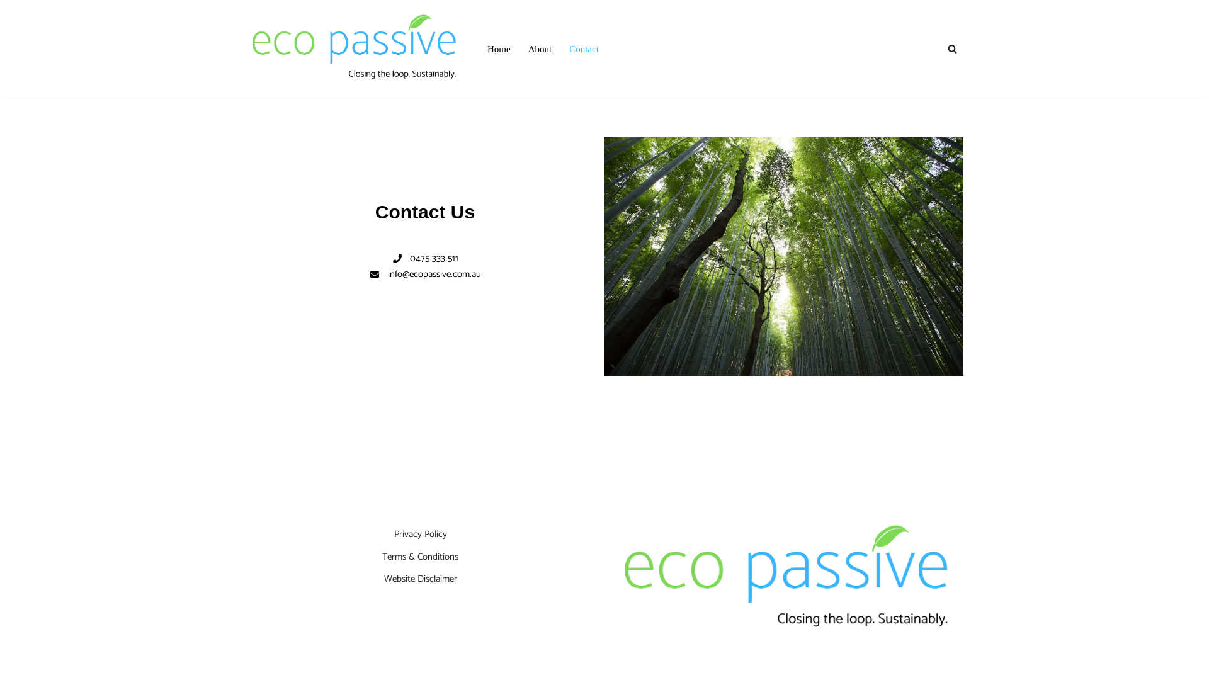 The height and width of the screenshot is (680, 1209). What do you see at coordinates (9, 26) in the screenshot?
I see `'Skip to content'` at bounding box center [9, 26].